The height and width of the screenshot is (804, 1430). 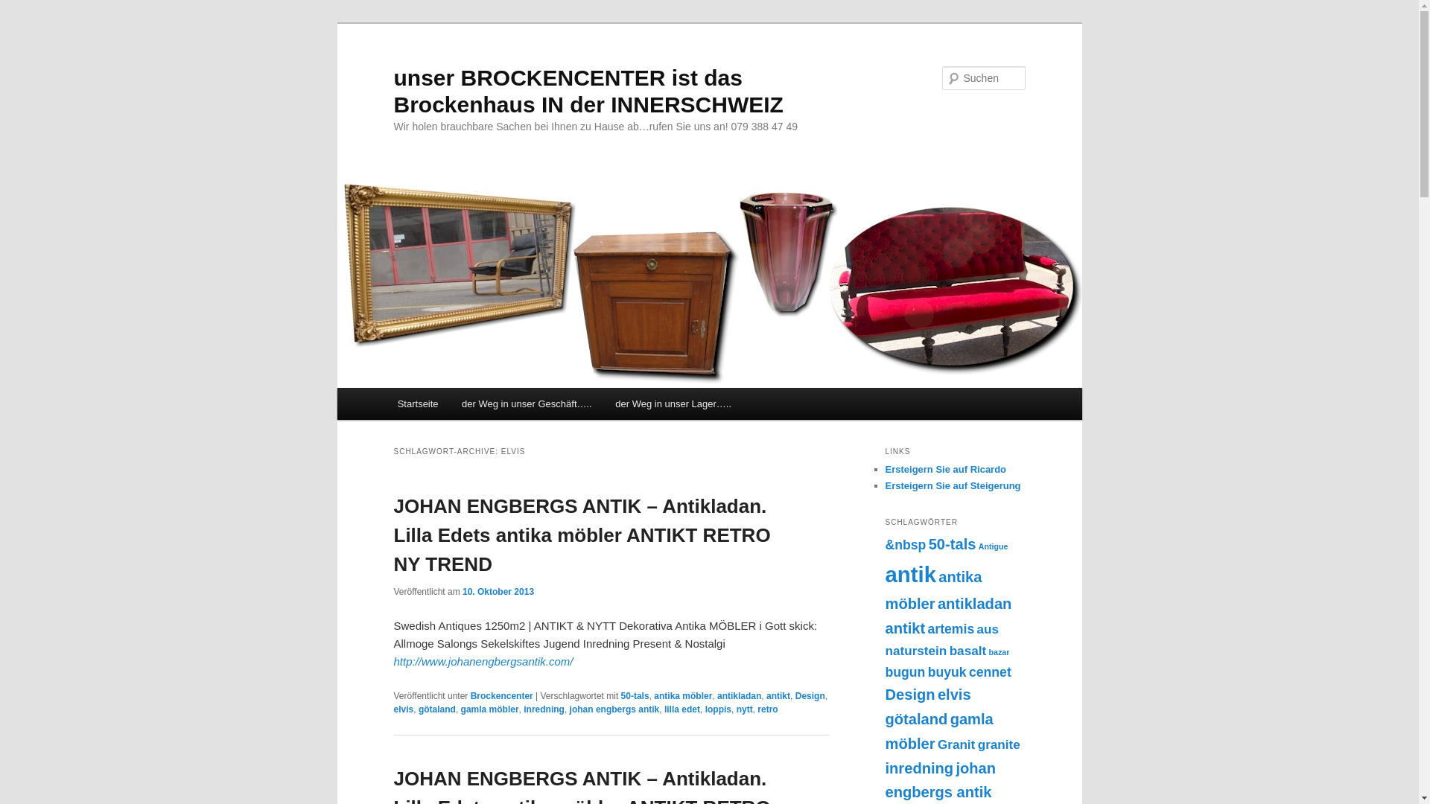 What do you see at coordinates (543, 708) in the screenshot?
I see `'inredning'` at bounding box center [543, 708].